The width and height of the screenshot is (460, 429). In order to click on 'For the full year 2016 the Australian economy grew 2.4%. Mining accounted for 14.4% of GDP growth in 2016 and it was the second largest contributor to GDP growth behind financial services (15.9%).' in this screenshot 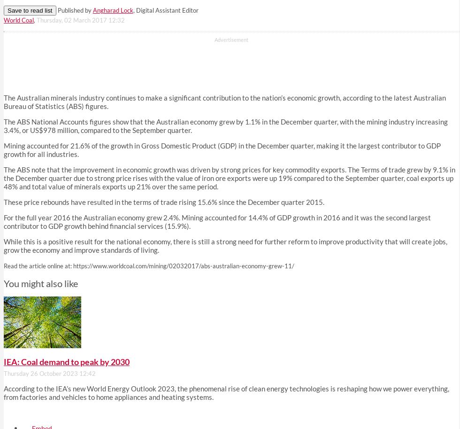, I will do `click(217, 221)`.